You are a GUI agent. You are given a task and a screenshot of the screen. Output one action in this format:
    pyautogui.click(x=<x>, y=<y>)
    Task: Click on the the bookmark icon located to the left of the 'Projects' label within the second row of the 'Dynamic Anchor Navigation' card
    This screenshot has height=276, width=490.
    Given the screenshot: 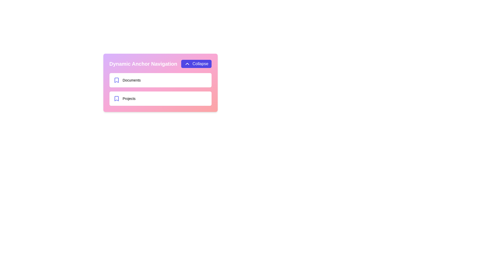 What is the action you would take?
    pyautogui.click(x=116, y=80)
    